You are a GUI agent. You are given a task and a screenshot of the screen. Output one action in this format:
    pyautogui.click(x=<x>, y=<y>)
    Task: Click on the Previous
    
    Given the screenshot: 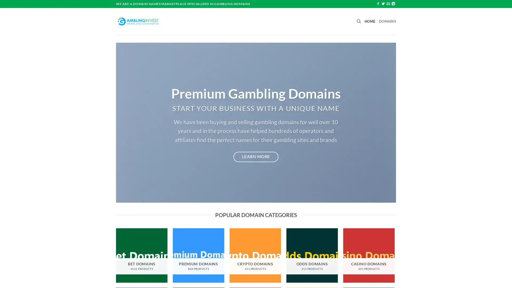 What is the action you would take?
    pyautogui.click(x=116, y=257)
    